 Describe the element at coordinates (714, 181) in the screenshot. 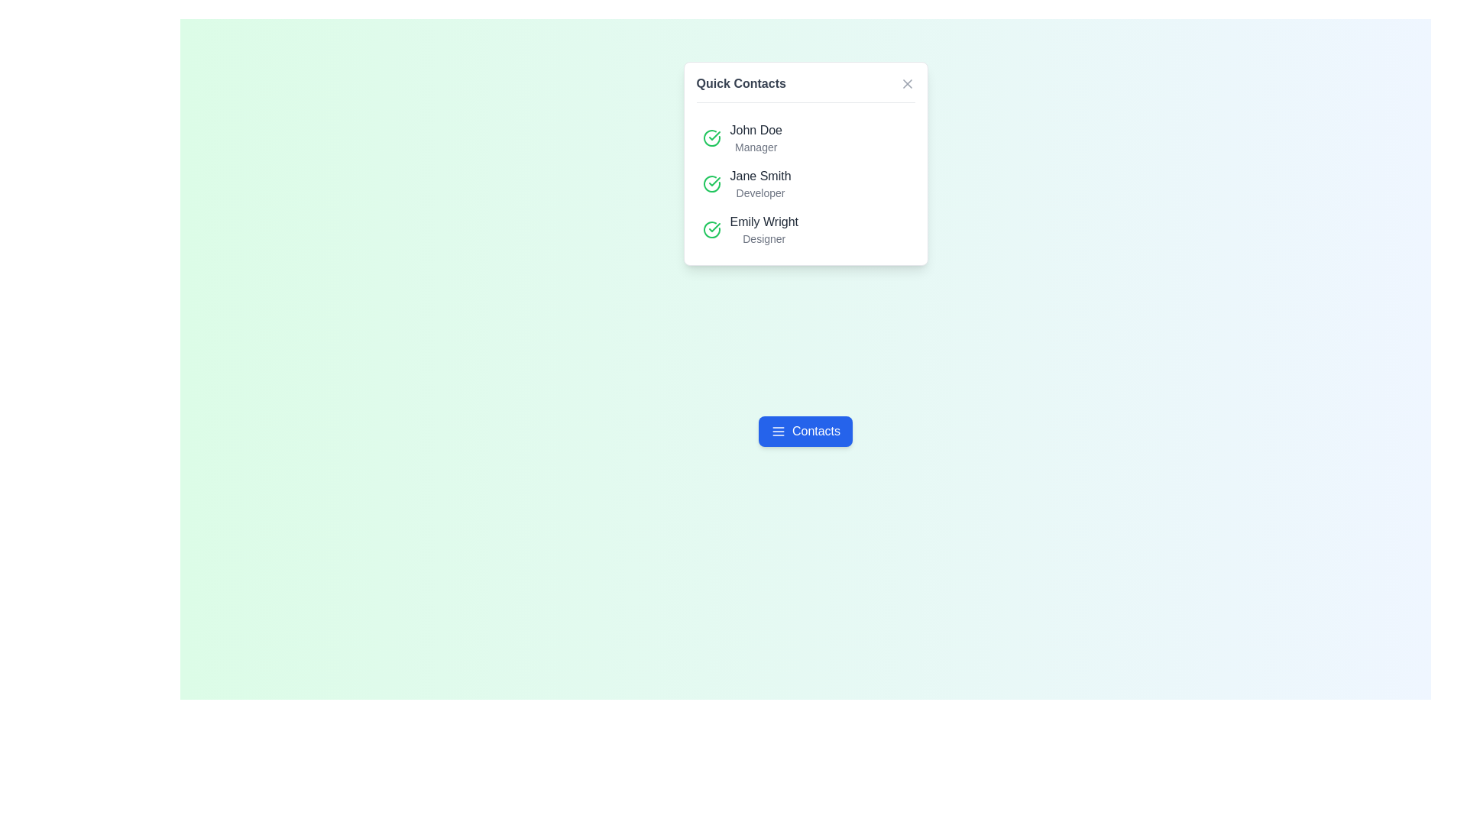

I see `first checkmark icon indicating that the contact 'John Doe' is confirmed, located in the 'Quick Contacts' panel, for styling or debugging purposes` at that location.